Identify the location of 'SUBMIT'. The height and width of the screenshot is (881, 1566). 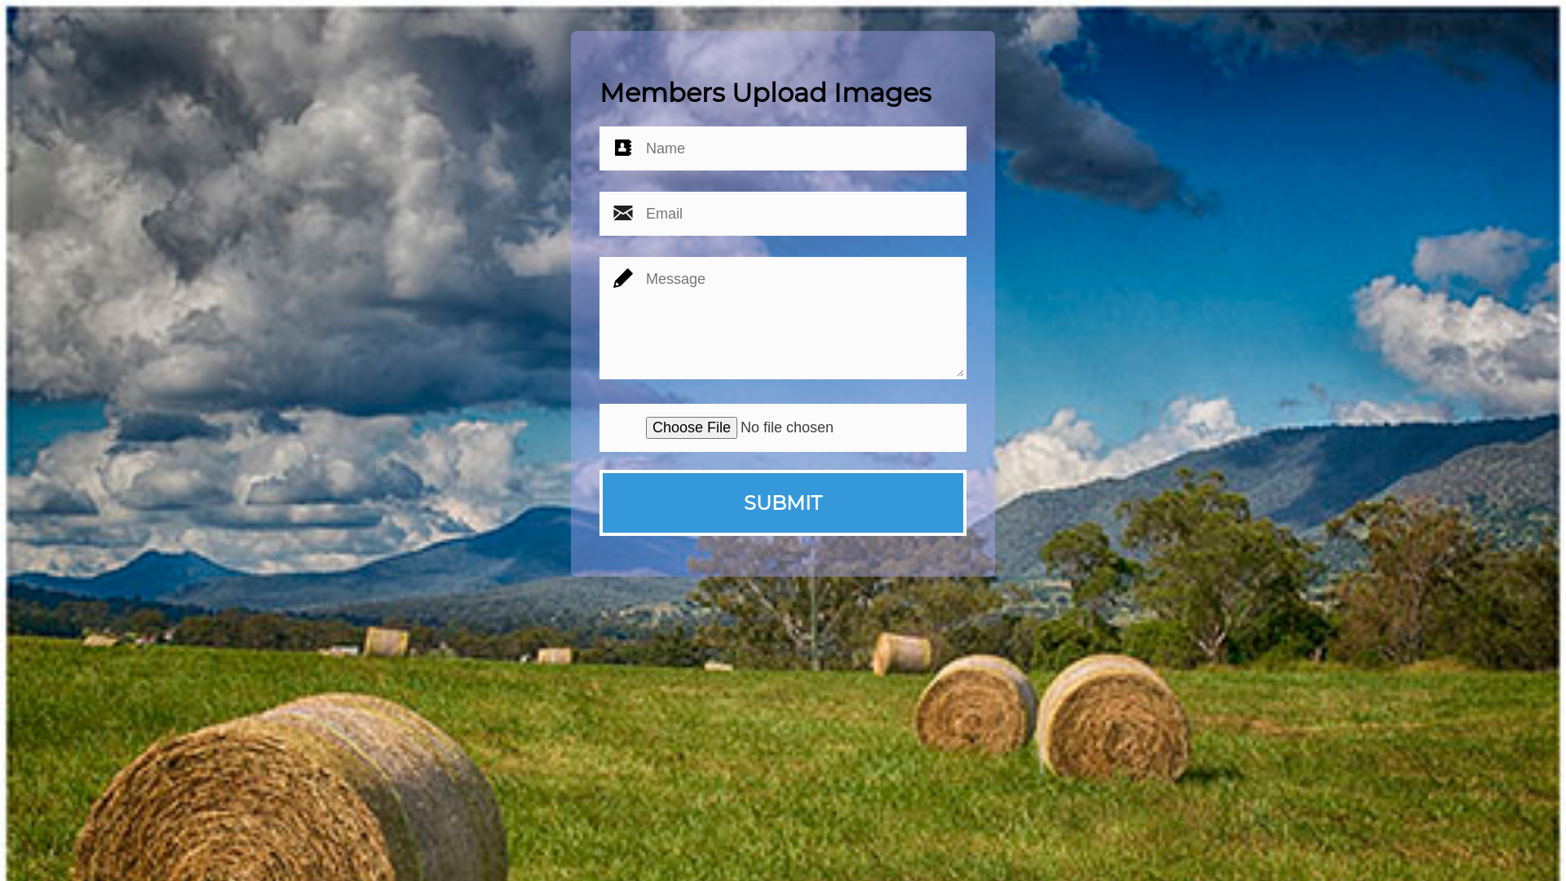
(783, 502).